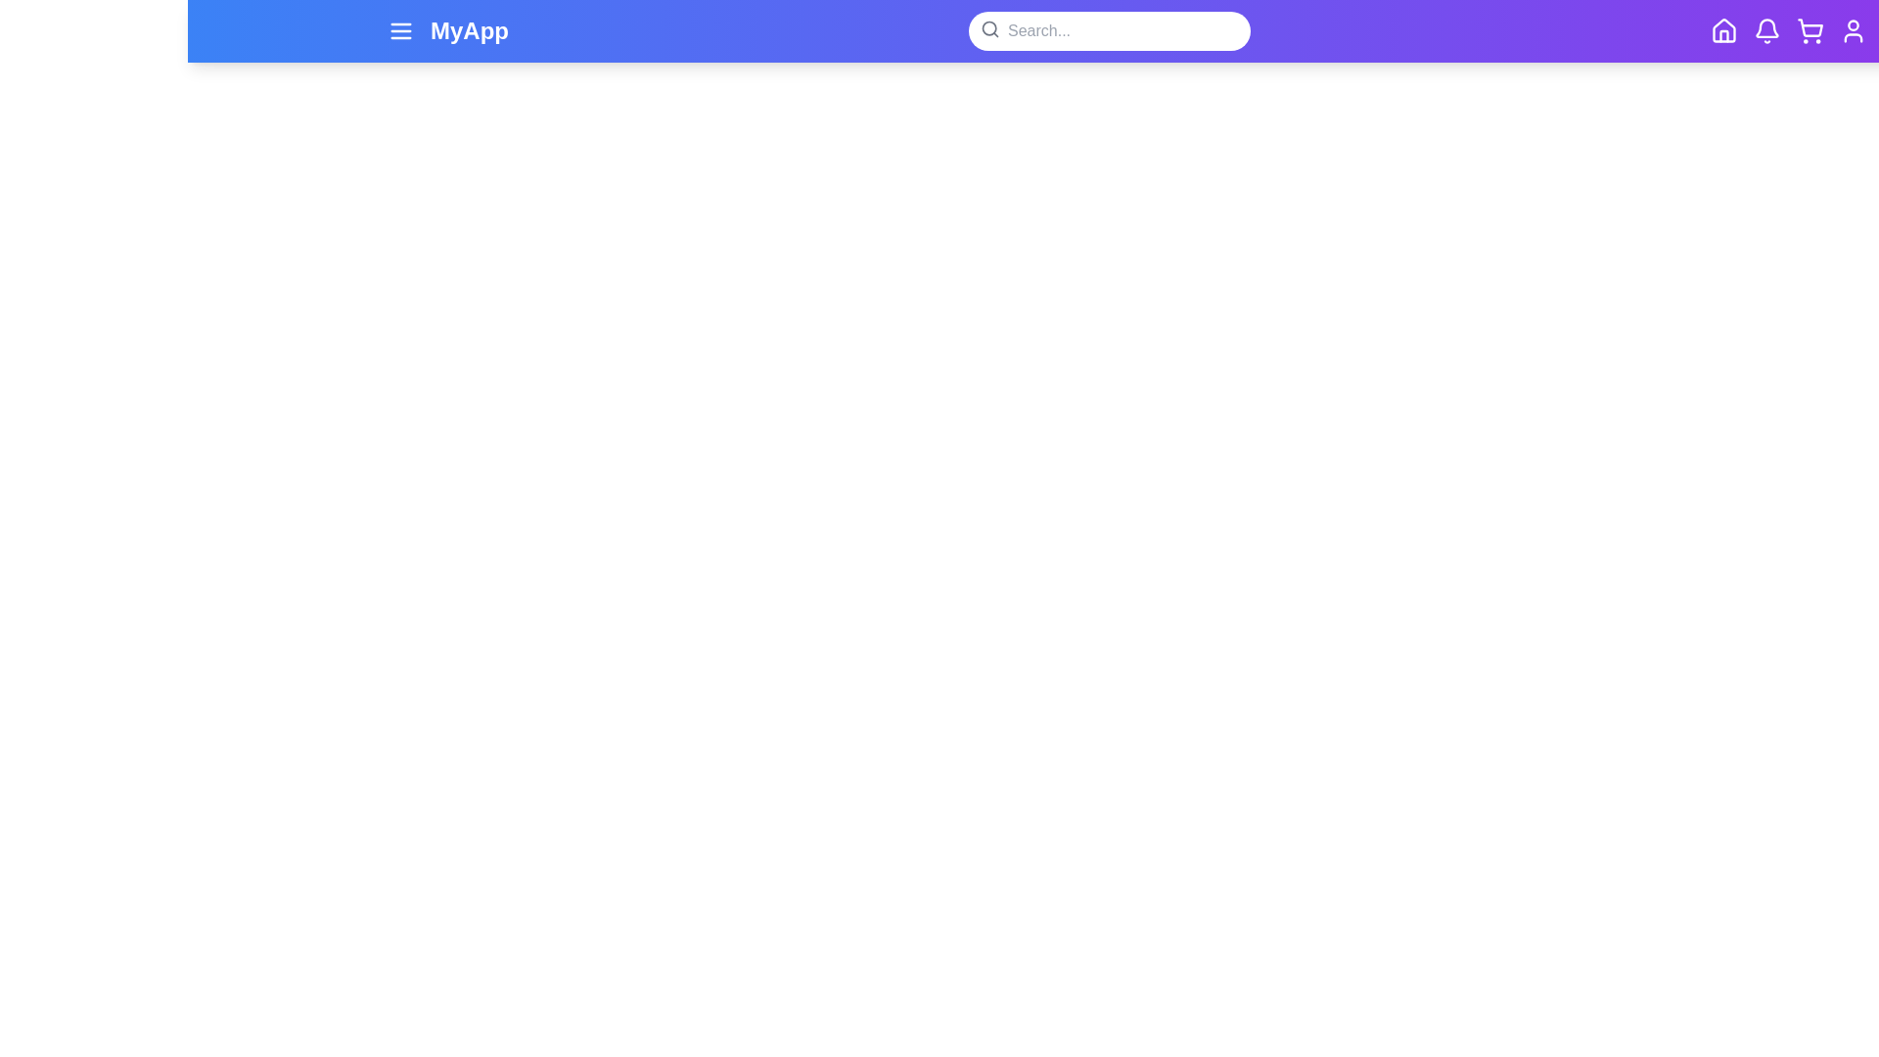 This screenshot has width=1879, height=1057. I want to click on the shopping_cart button in the navigation bar, so click(1809, 30).